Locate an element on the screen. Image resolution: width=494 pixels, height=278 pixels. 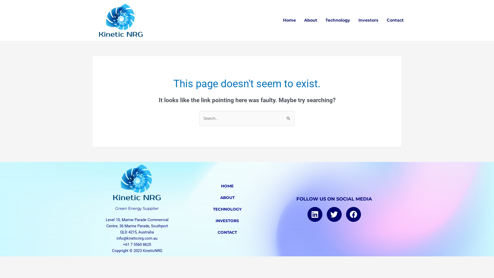
'HOME' is located at coordinates (227, 186).